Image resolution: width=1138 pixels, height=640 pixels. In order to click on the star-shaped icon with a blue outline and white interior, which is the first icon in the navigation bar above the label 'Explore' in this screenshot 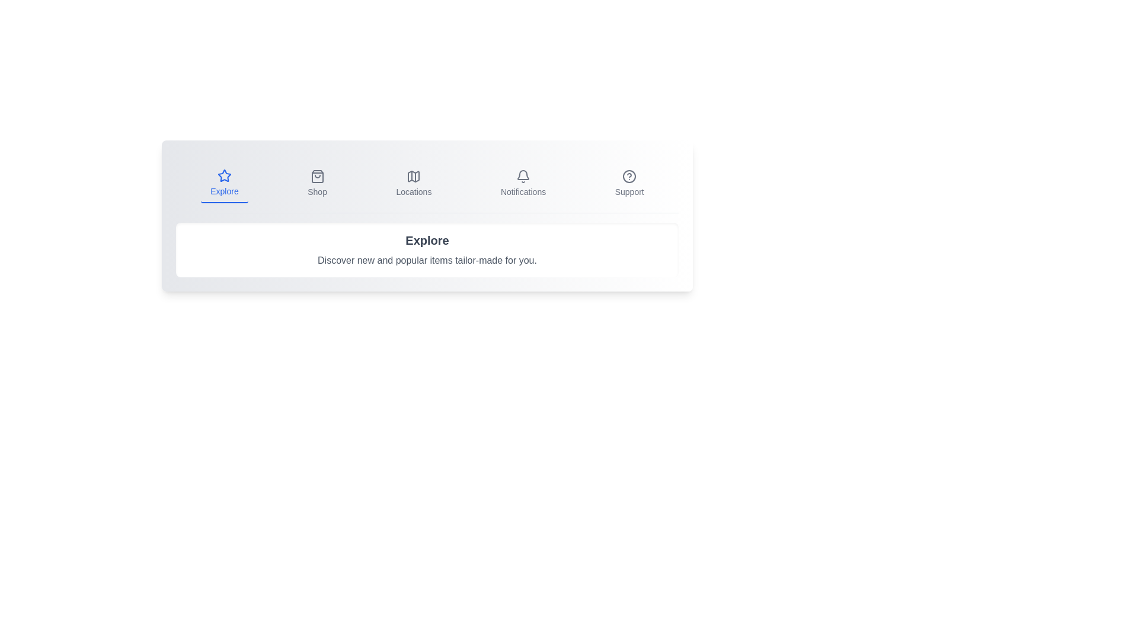, I will do `click(225, 175)`.